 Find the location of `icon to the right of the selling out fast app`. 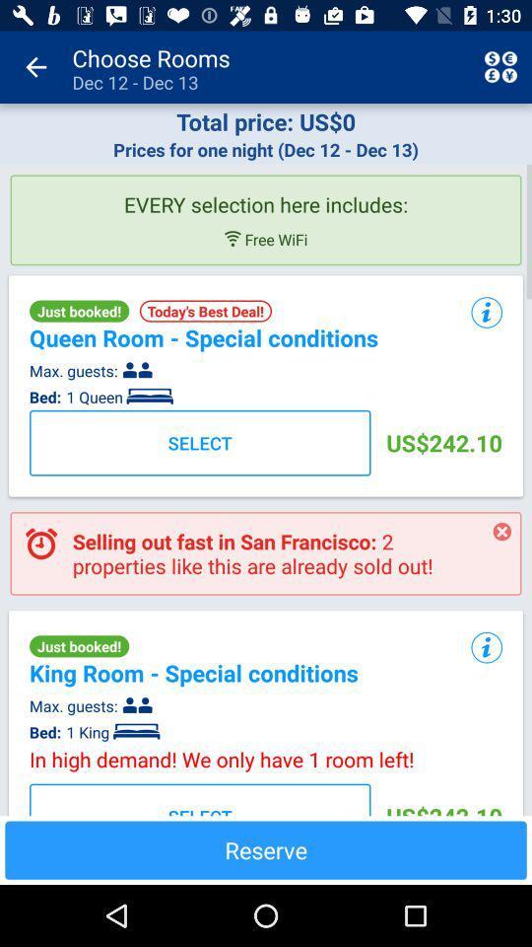

icon to the right of the selling out fast app is located at coordinates (501, 531).